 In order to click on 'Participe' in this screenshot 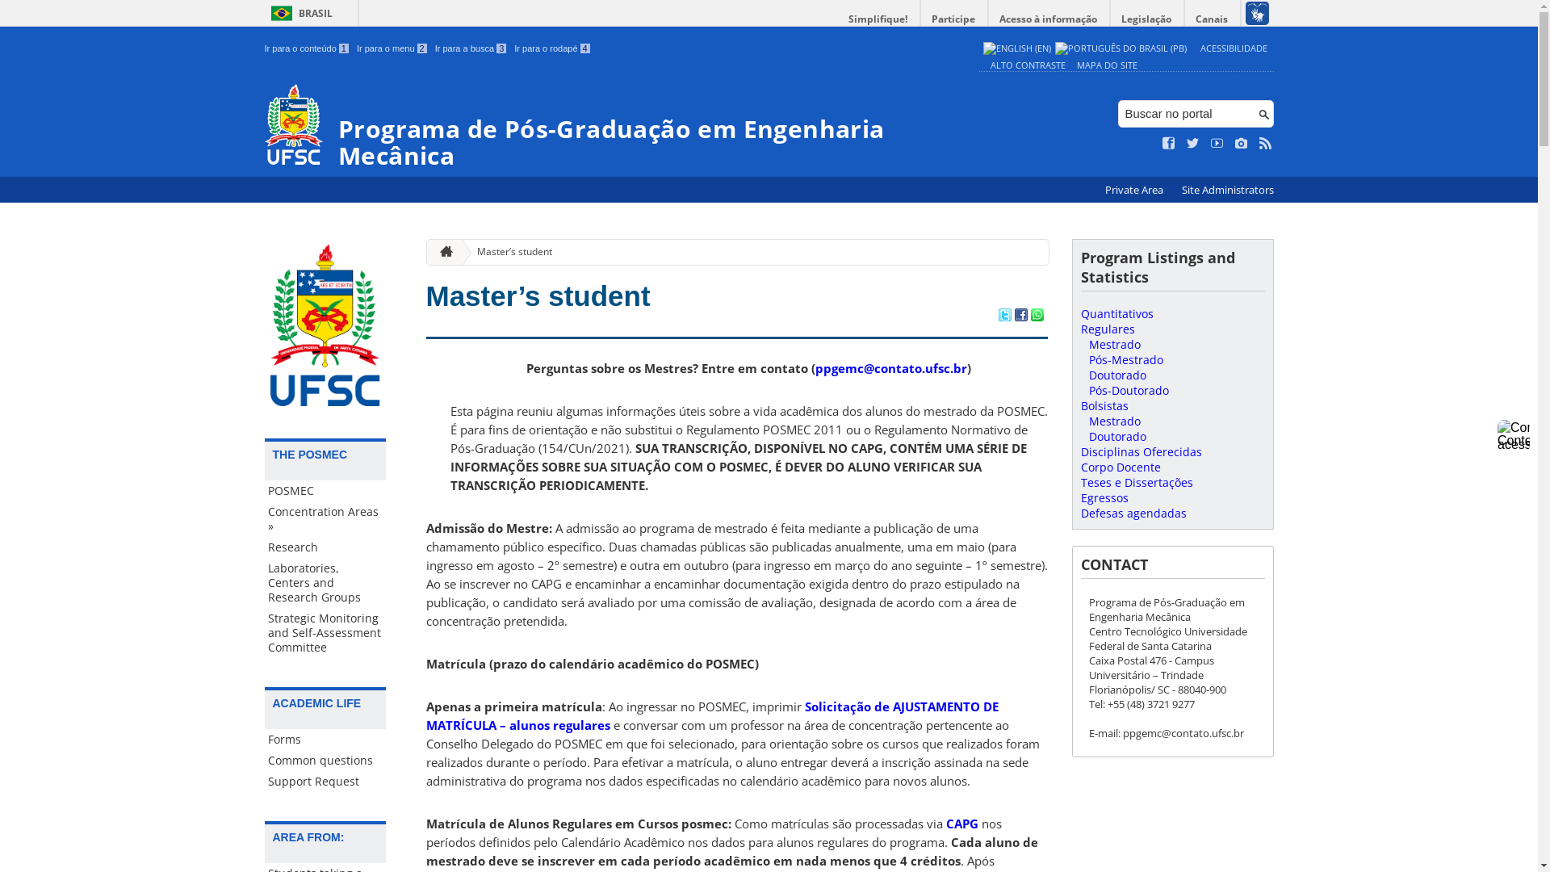, I will do `click(953, 19)`.